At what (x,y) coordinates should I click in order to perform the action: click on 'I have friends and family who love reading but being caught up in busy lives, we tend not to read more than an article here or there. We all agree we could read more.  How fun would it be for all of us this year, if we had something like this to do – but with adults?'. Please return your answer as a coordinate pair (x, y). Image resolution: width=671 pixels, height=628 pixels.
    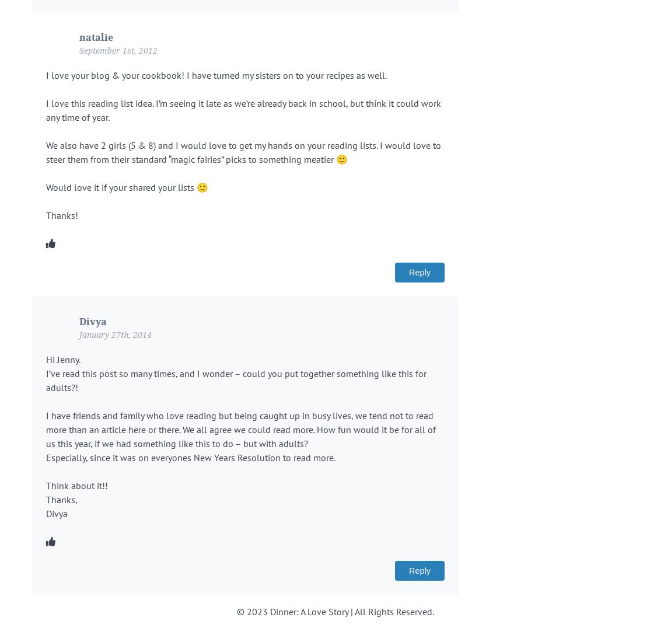
    Looking at the image, I should click on (240, 428).